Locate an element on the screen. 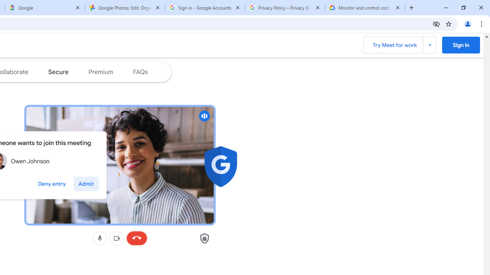  'Try Meet for work' is located at coordinates (399, 45).